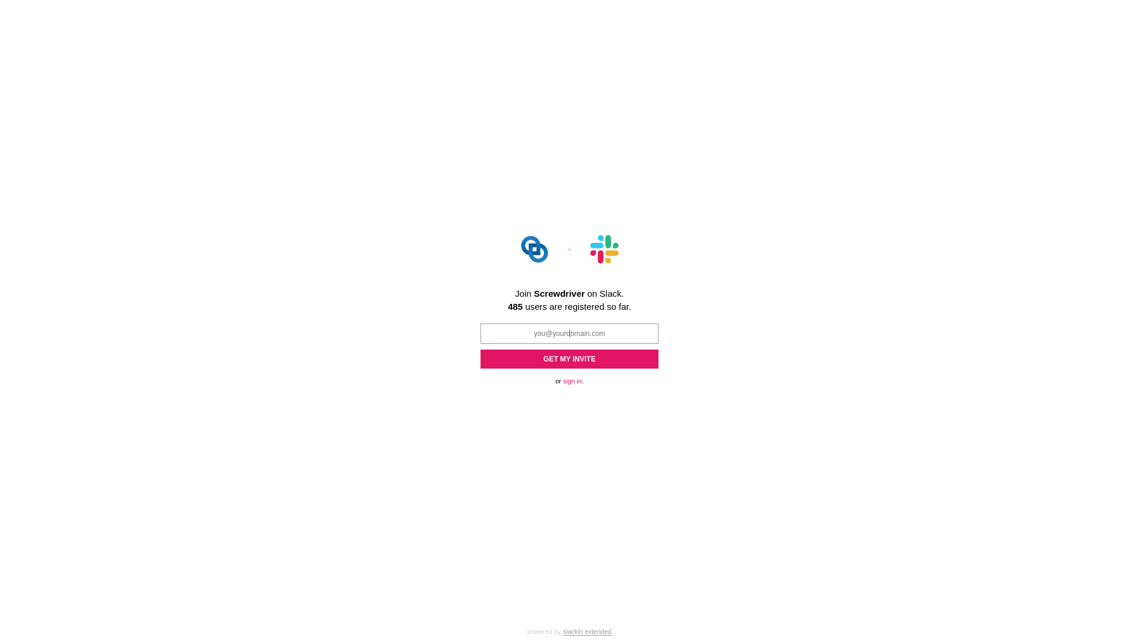  I want to click on 'slackin extended', so click(562, 631).